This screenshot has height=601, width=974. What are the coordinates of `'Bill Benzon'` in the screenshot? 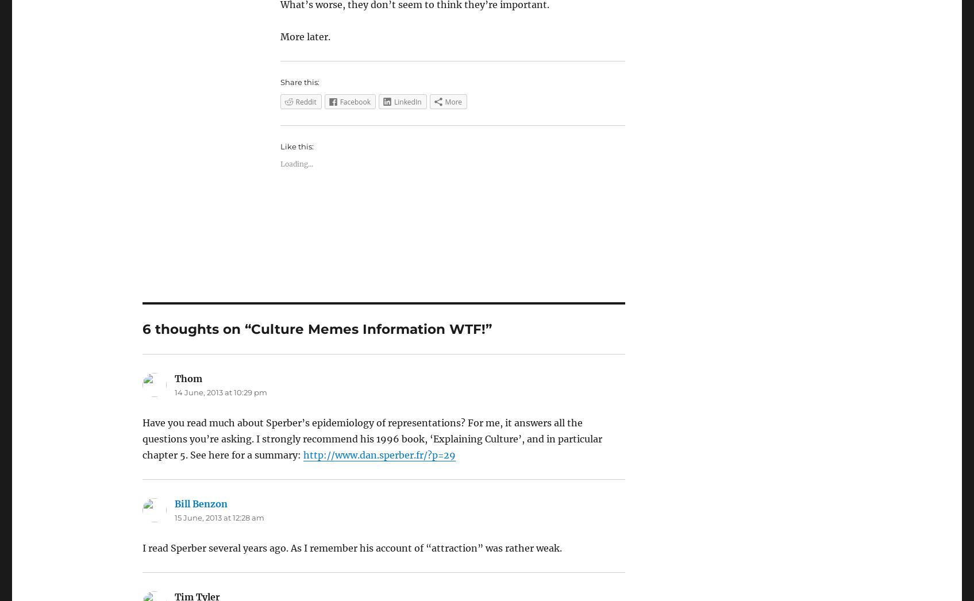 It's located at (174, 503).